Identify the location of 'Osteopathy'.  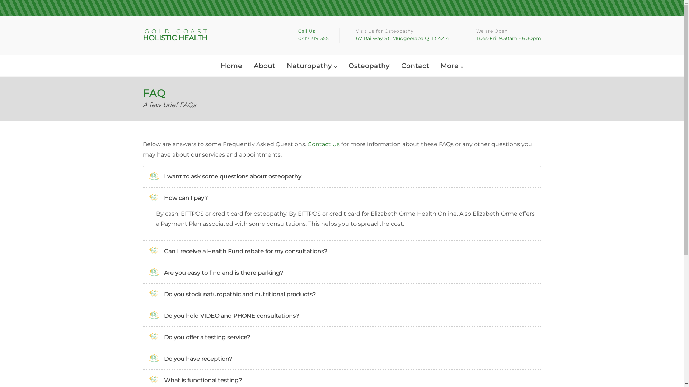
(369, 66).